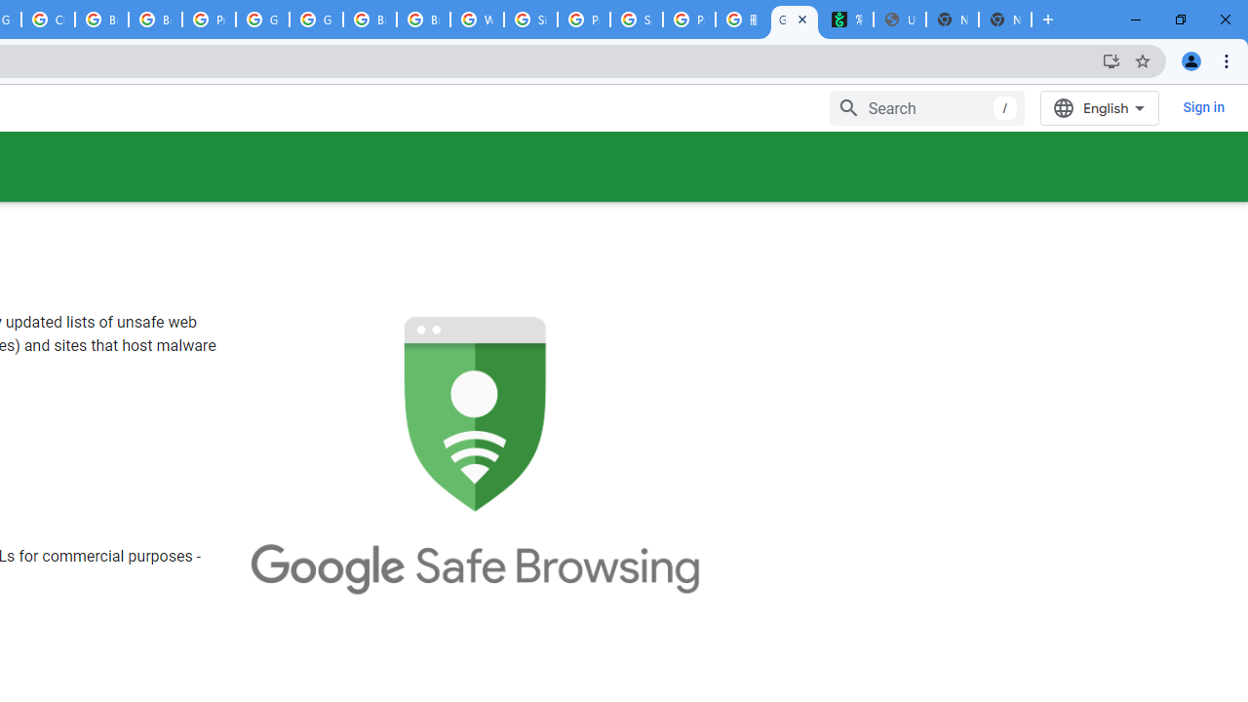 The width and height of the screenshot is (1248, 702). I want to click on 'Browse Chrome as a guest - Computer - Google Chrome Help', so click(100, 19).